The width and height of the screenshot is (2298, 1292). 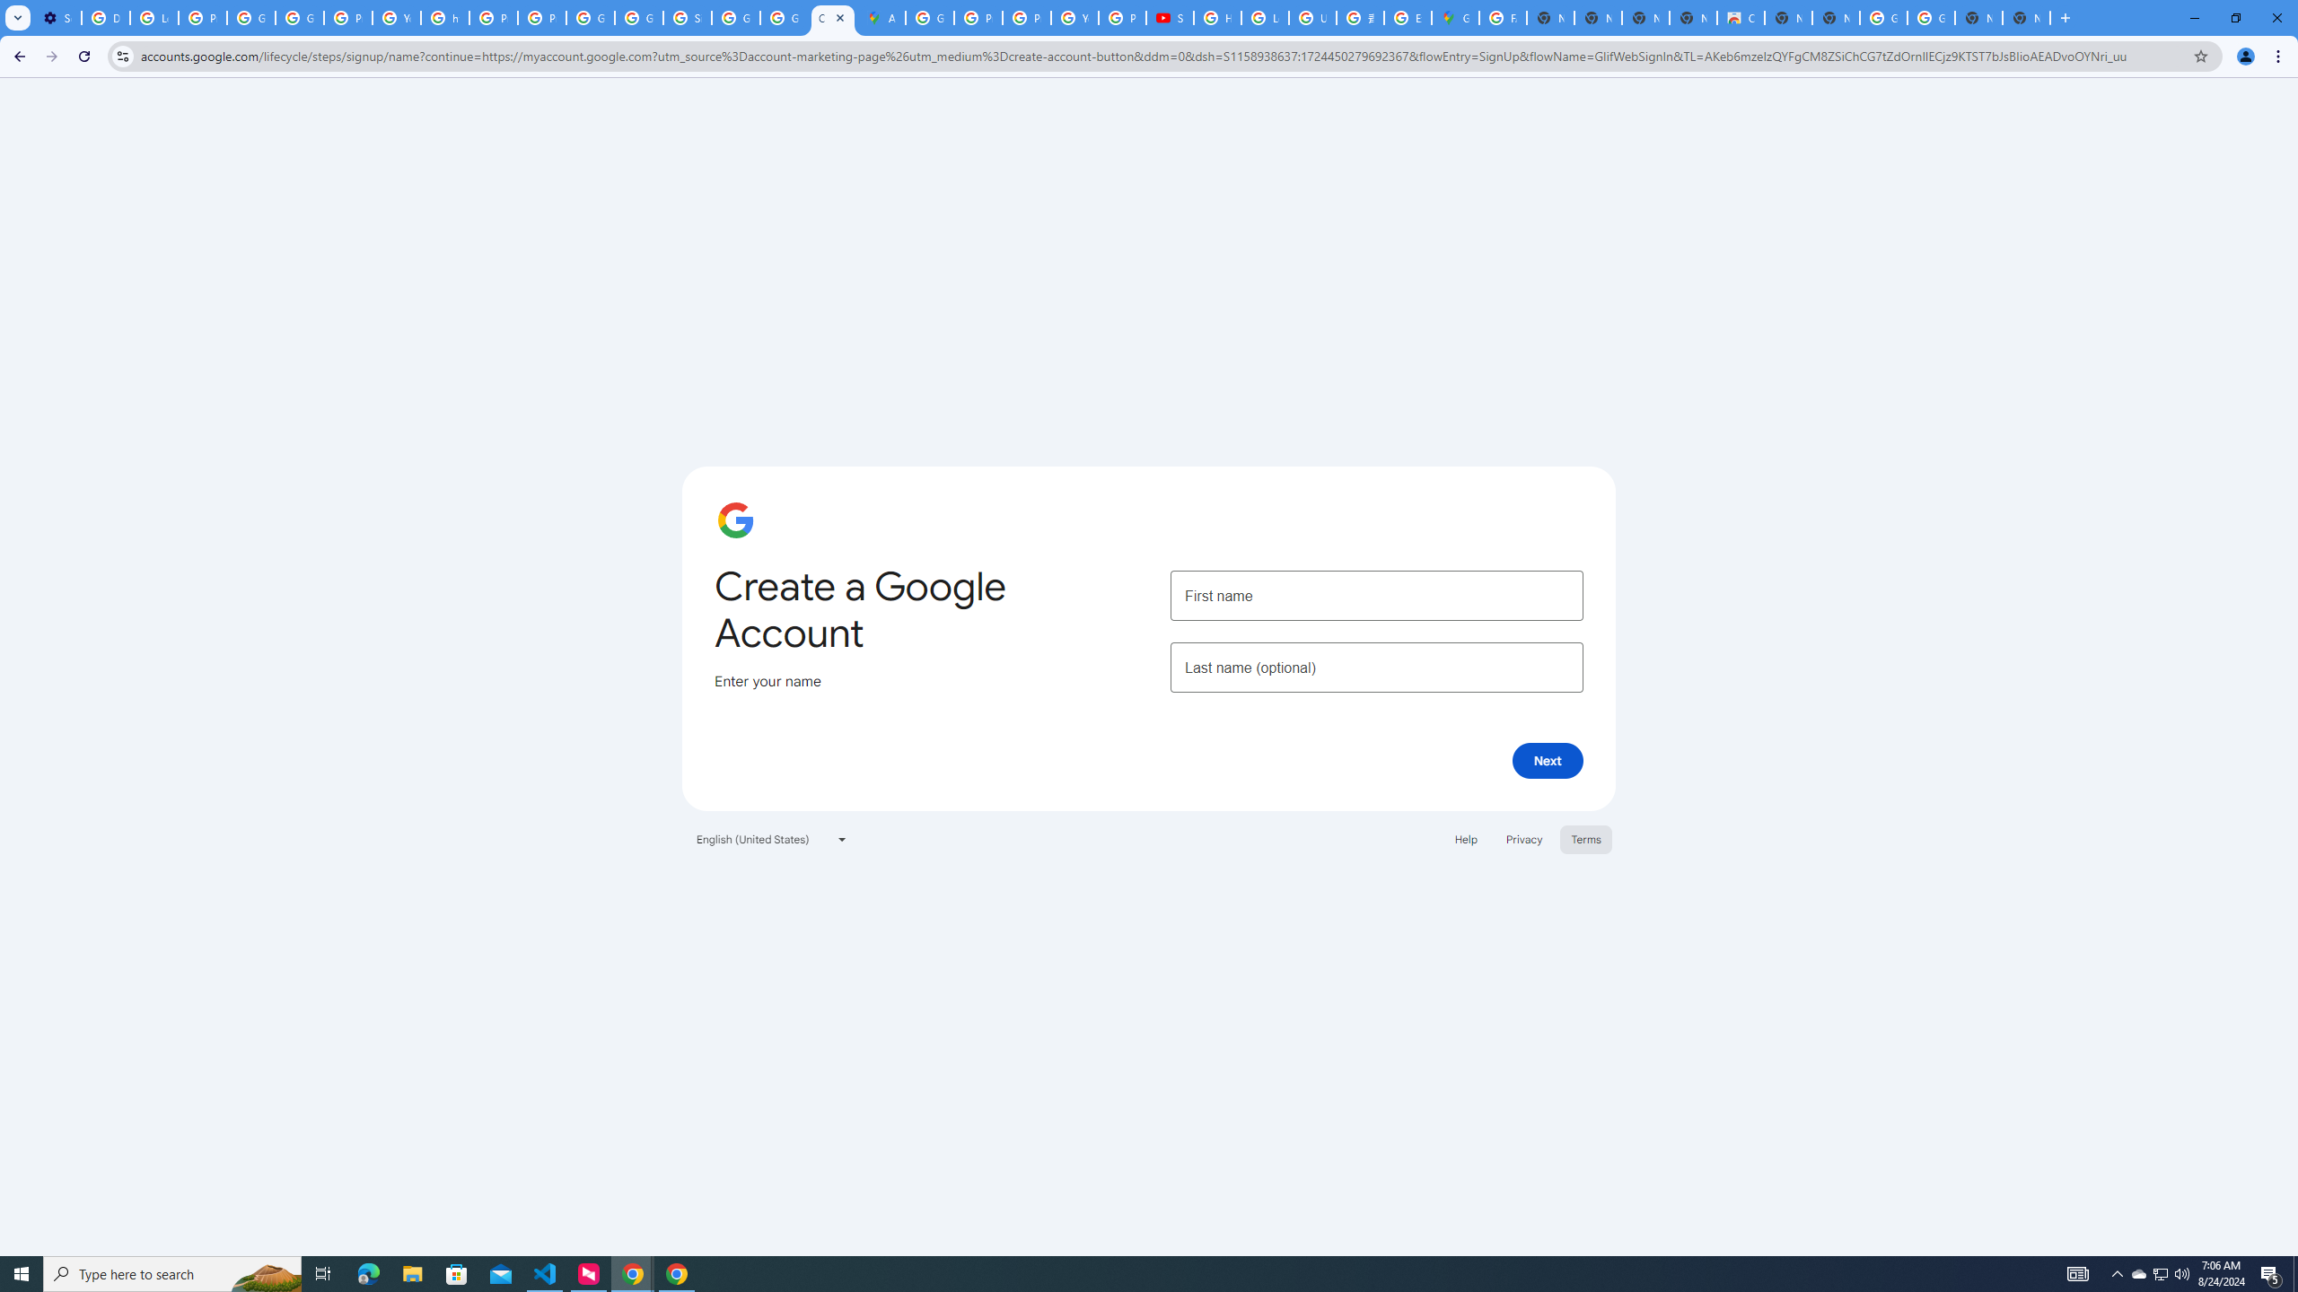 What do you see at coordinates (1375, 594) in the screenshot?
I see `'First name'` at bounding box center [1375, 594].